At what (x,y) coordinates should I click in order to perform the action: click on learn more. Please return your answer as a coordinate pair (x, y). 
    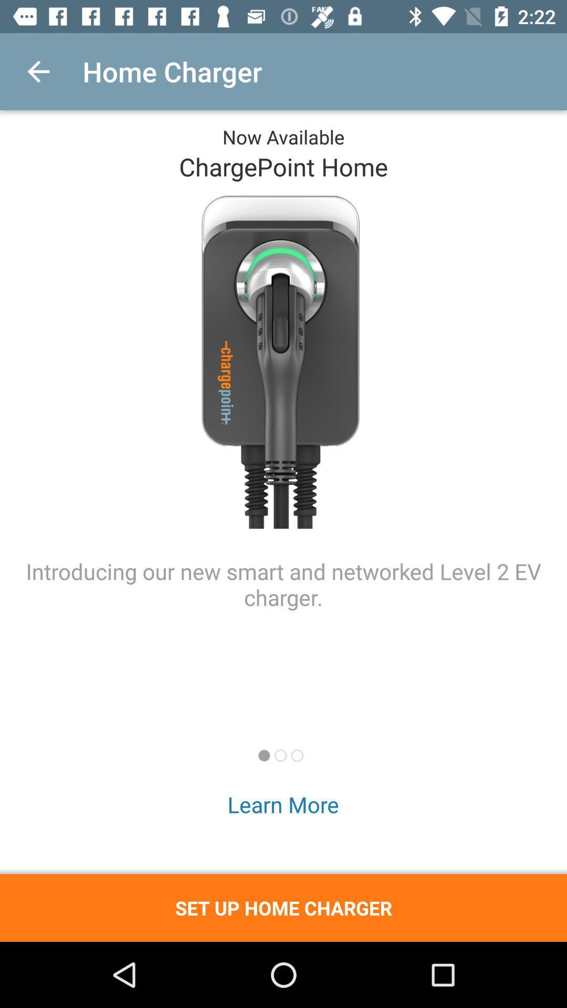
    Looking at the image, I should click on (282, 804).